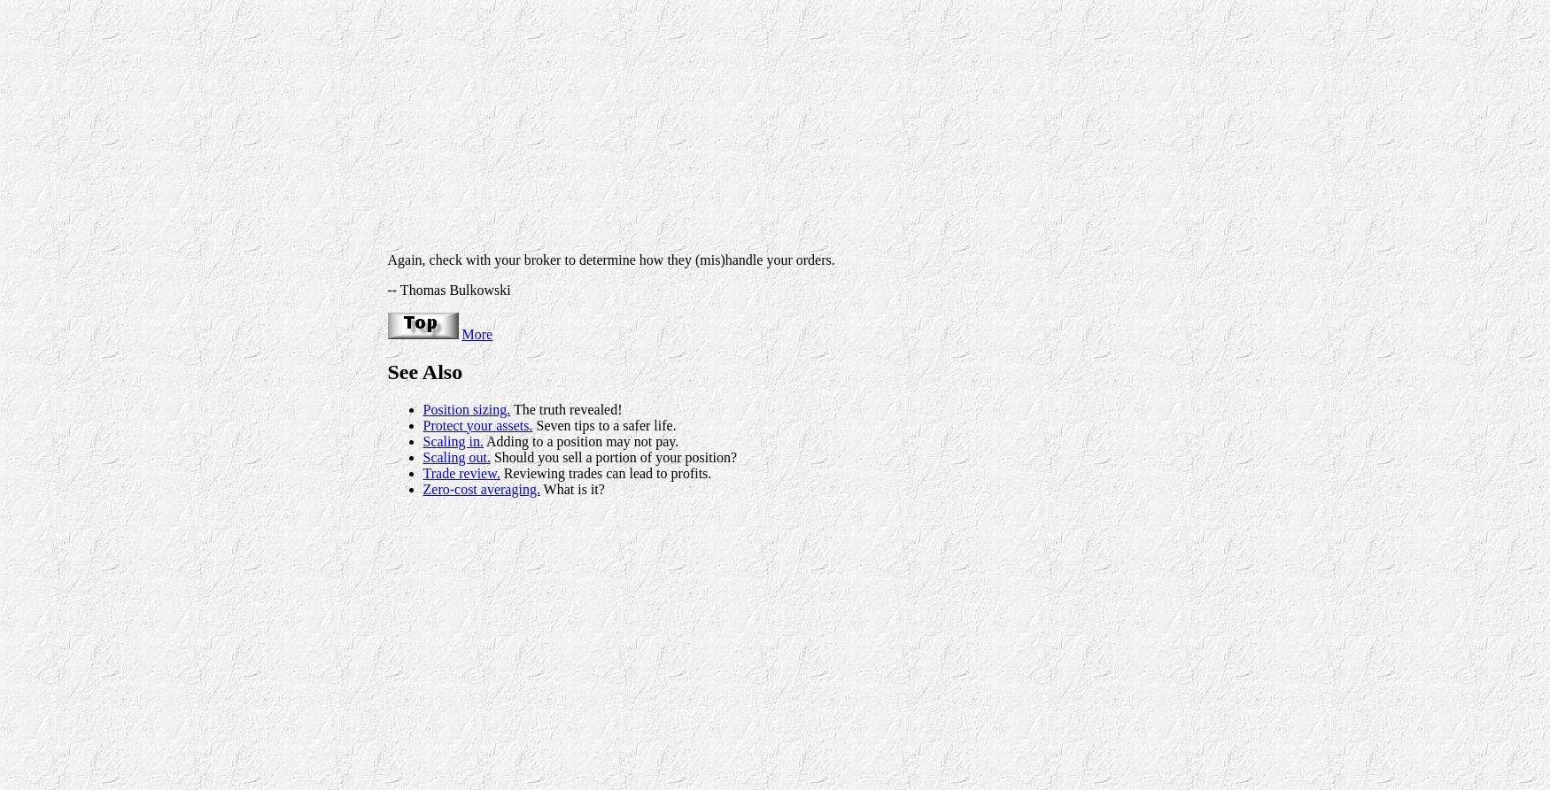 This screenshot has height=790, width=1550. I want to click on '-- Thomas Bulkowski', so click(447, 289).